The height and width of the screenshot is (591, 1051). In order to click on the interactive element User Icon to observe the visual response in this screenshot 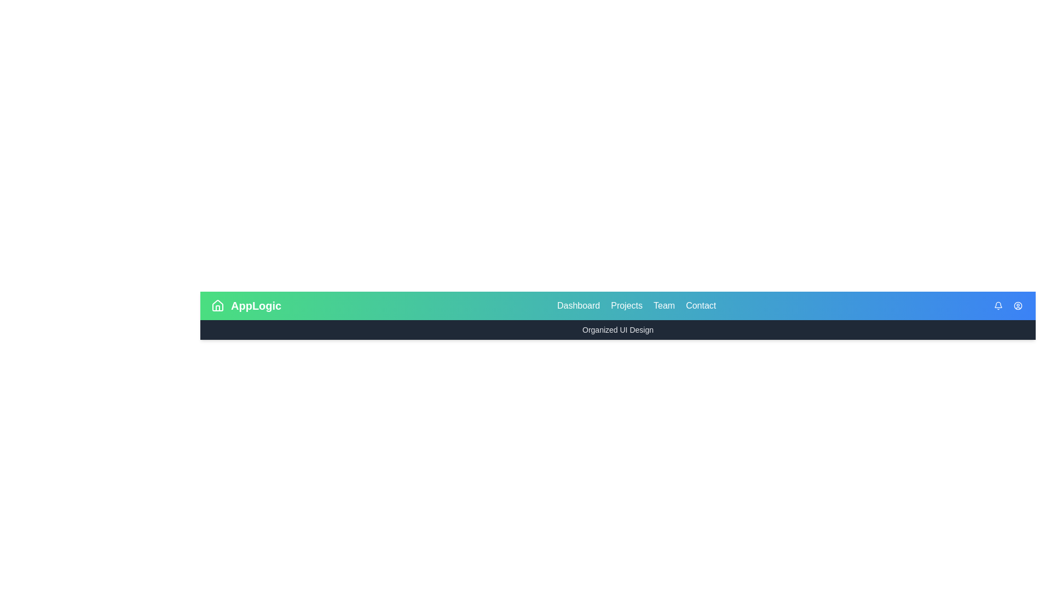, I will do `click(1018, 306)`.